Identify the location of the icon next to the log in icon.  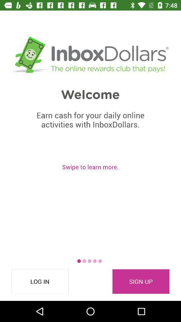
(140, 281).